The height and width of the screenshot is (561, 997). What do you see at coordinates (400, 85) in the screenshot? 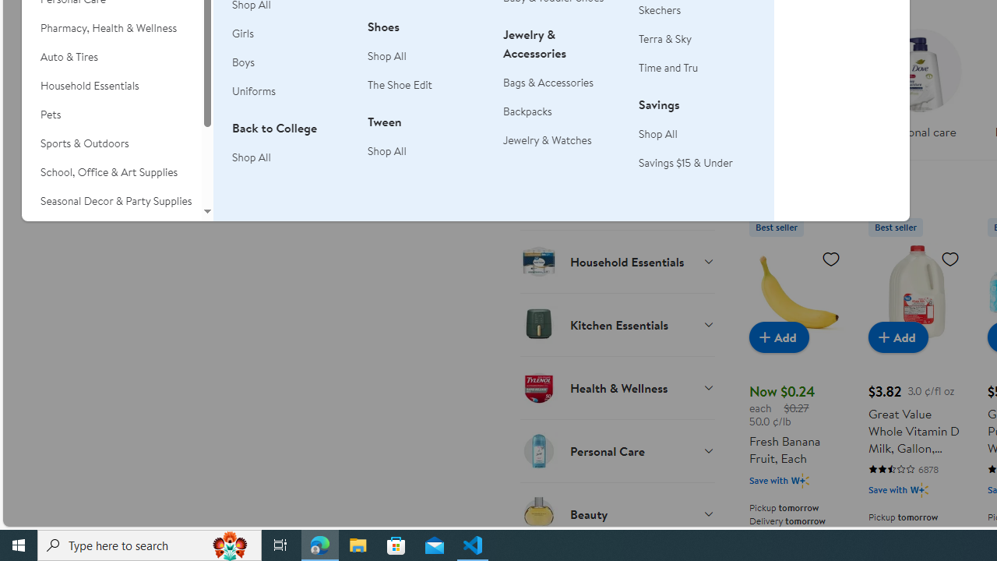
I see `'The Shoe Edit'` at bounding box center [400, 85].